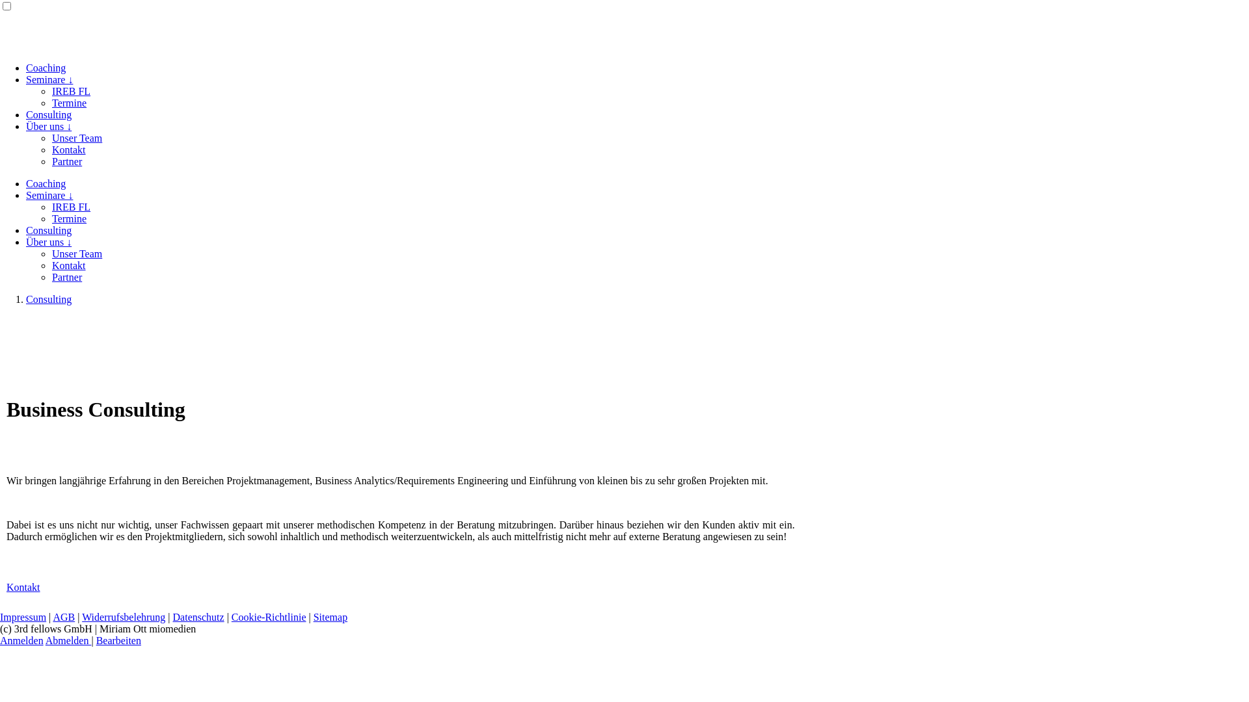  What do you see at coordinates (49, 299) in the screenshot?
I see `'Consulting'` at bounding box center [49, 299].